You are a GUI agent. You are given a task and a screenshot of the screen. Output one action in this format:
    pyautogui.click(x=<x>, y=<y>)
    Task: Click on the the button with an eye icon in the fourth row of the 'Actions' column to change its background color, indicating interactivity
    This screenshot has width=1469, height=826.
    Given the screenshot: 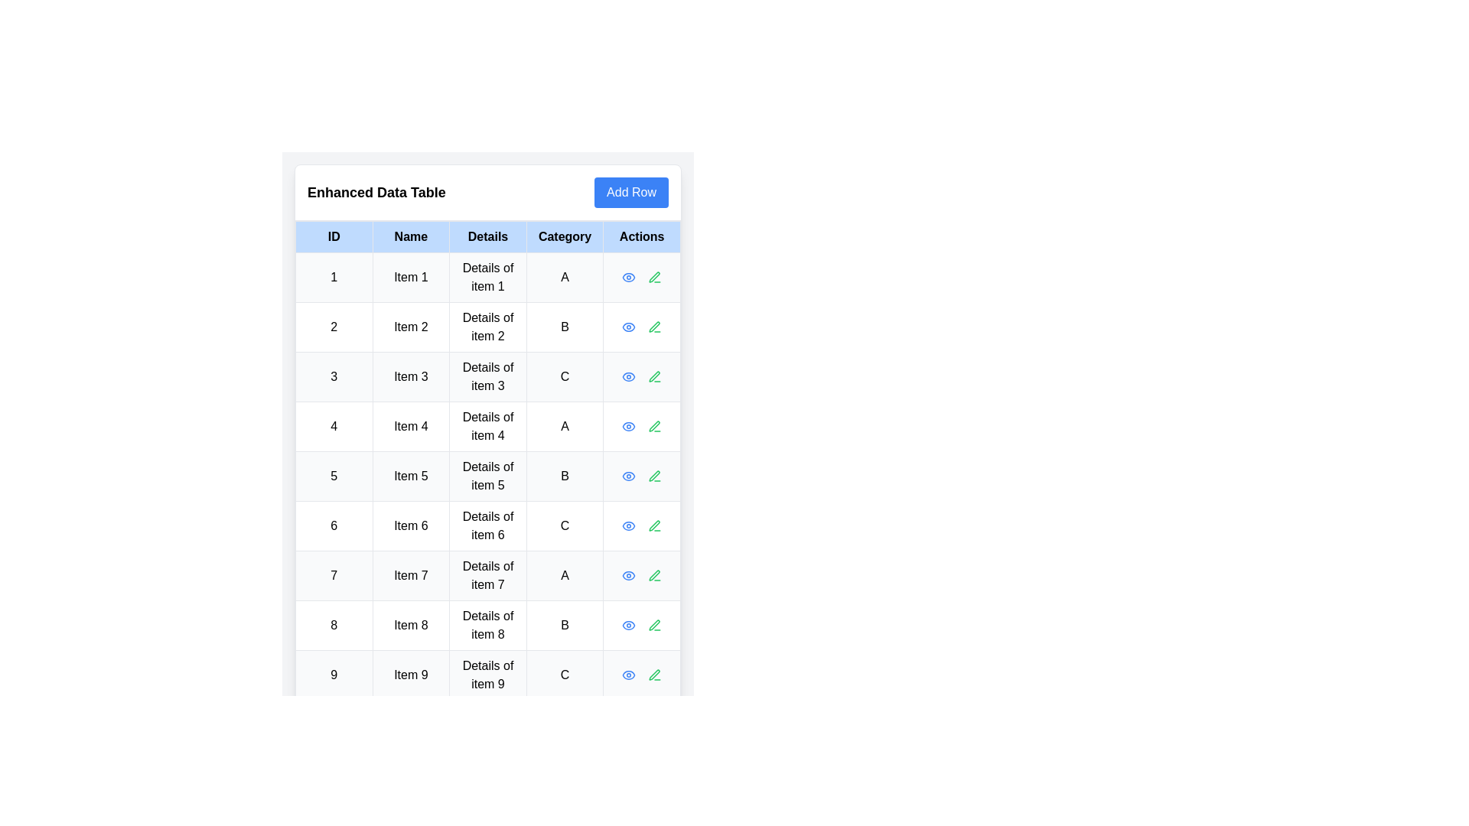 What is the action you would take?
    pyautogui.click(x=629, y=427)
    